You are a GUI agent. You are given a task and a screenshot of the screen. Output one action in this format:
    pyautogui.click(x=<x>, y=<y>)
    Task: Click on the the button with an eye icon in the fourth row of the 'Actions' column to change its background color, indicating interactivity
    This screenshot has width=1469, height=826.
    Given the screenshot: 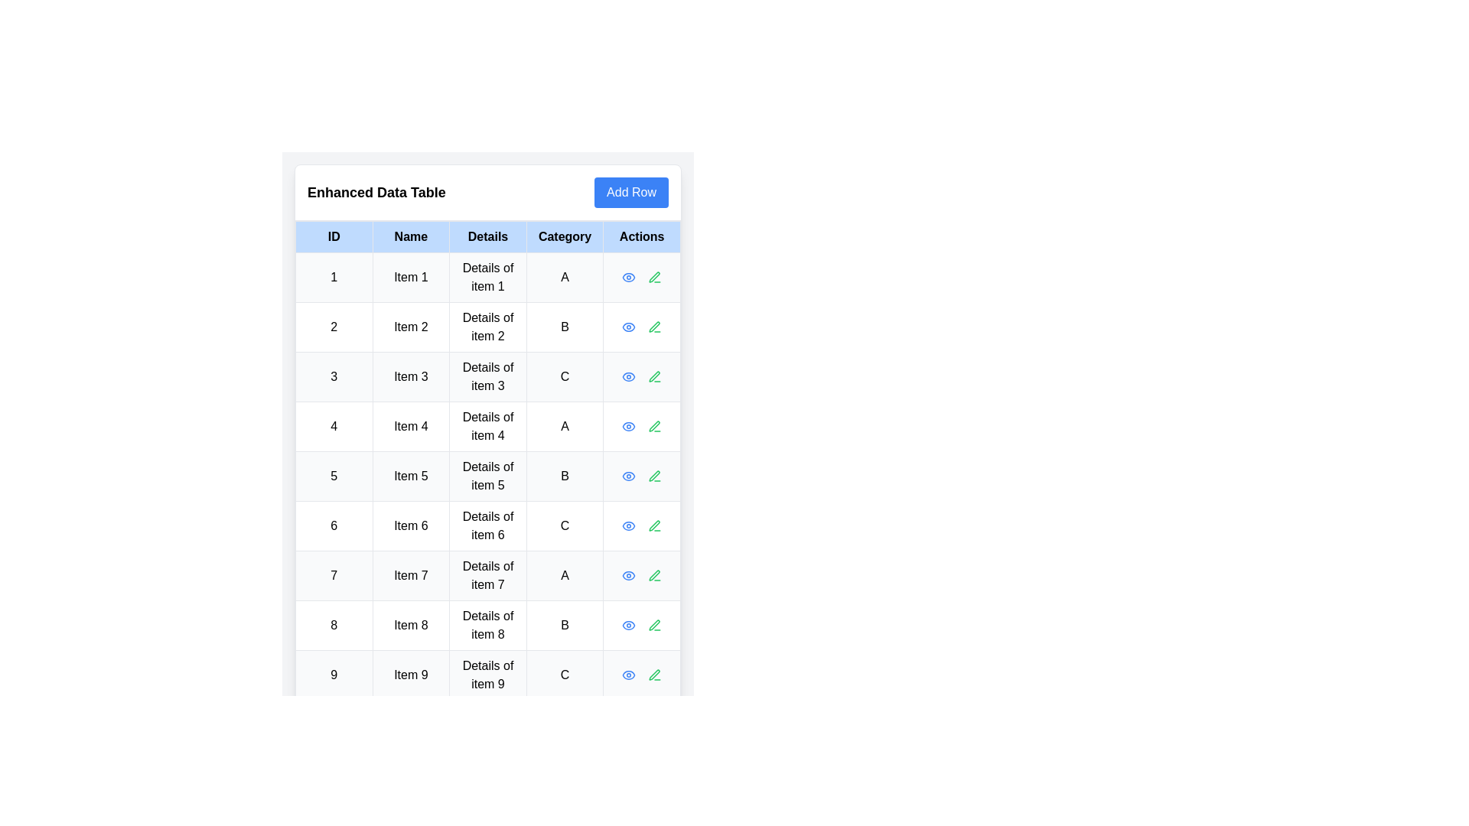 What is the action you would take?
    pyautogui.click(x=629, y=427)
    